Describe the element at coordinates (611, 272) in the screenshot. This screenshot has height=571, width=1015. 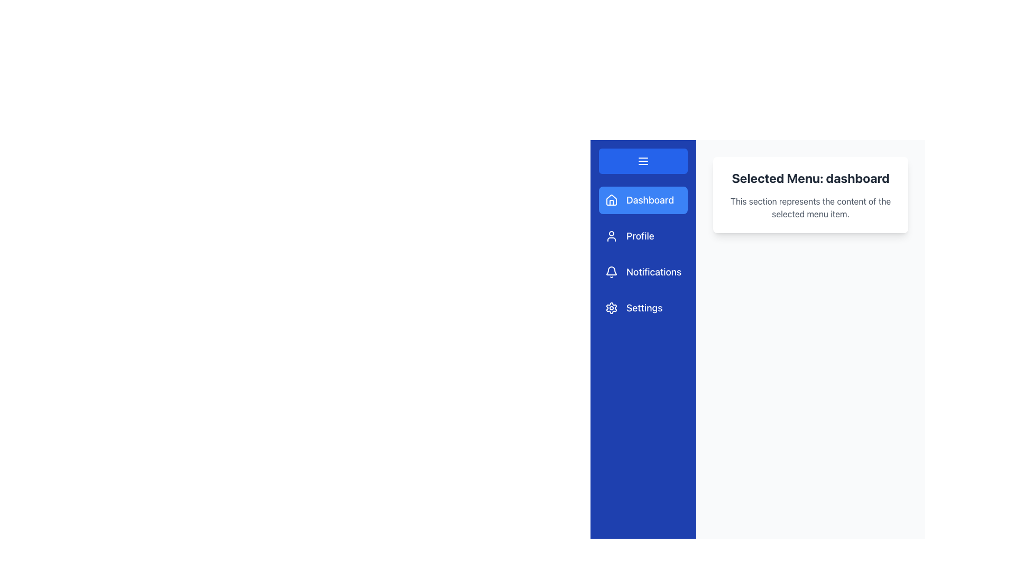
I see `the bell icon representing the 'Notifications' menu option` at that location.